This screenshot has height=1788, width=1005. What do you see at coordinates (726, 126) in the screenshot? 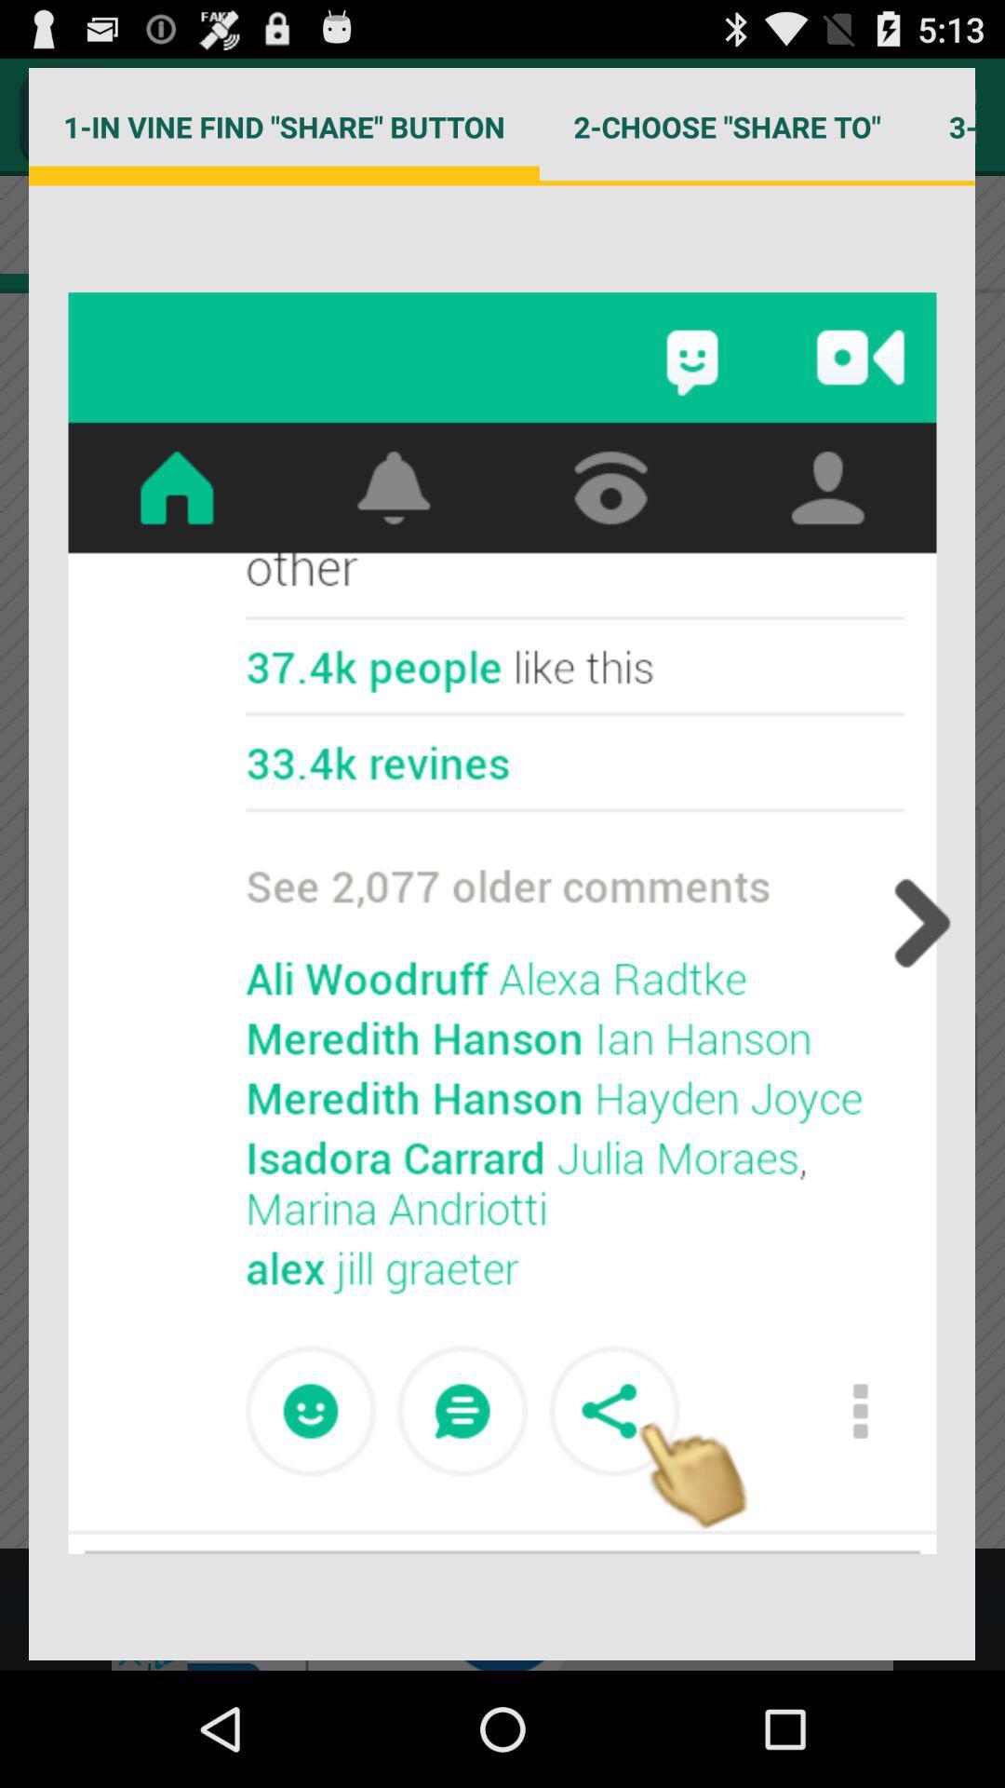
I see `the item to the right of 1 in vine item` at bounding box center [726, 126].